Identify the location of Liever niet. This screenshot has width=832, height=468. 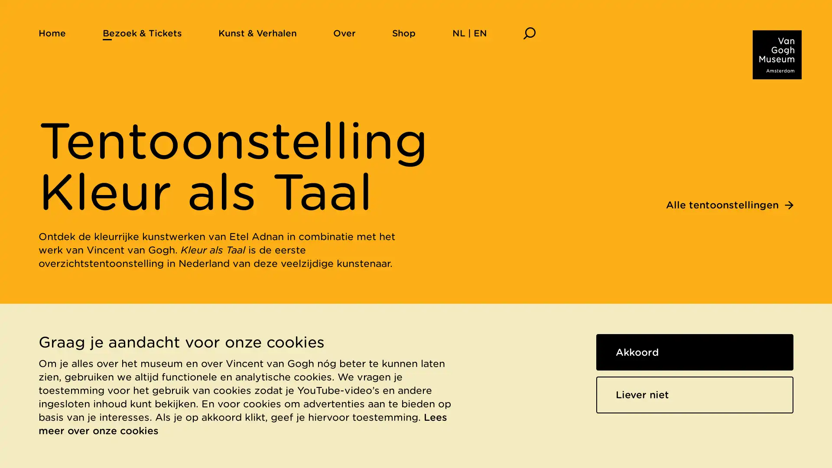
(695, 394).